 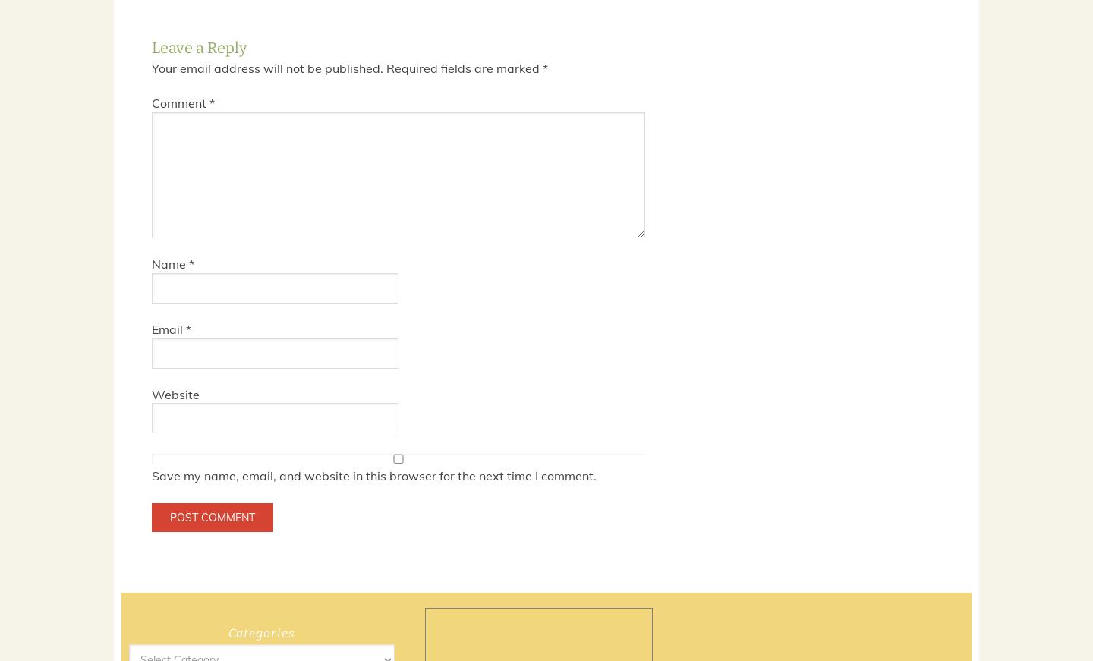 What do you see at coordinates (262, 633) in the screenshot?
I see `'Categories'` at bounding box center [262, 633].